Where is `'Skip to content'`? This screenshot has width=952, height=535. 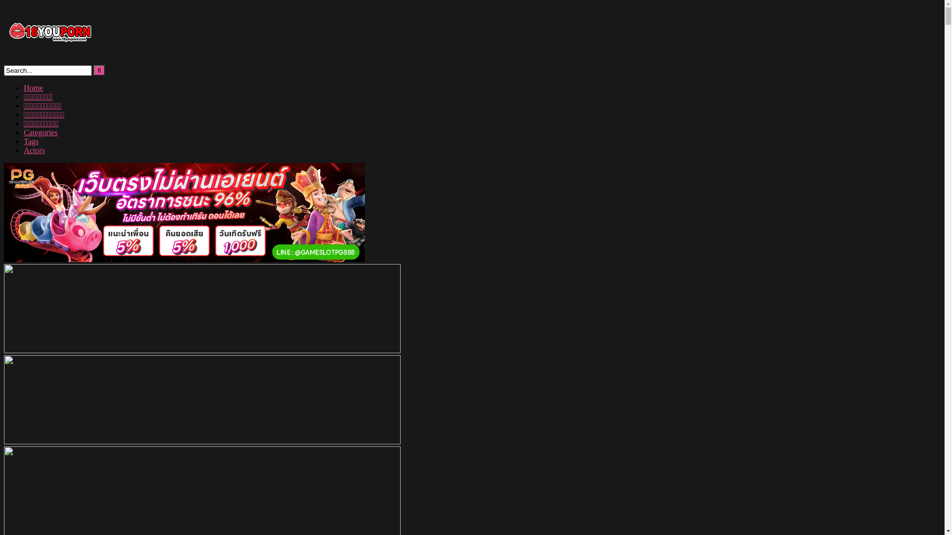 'Skip to content' is located at coordinates (3, 3).